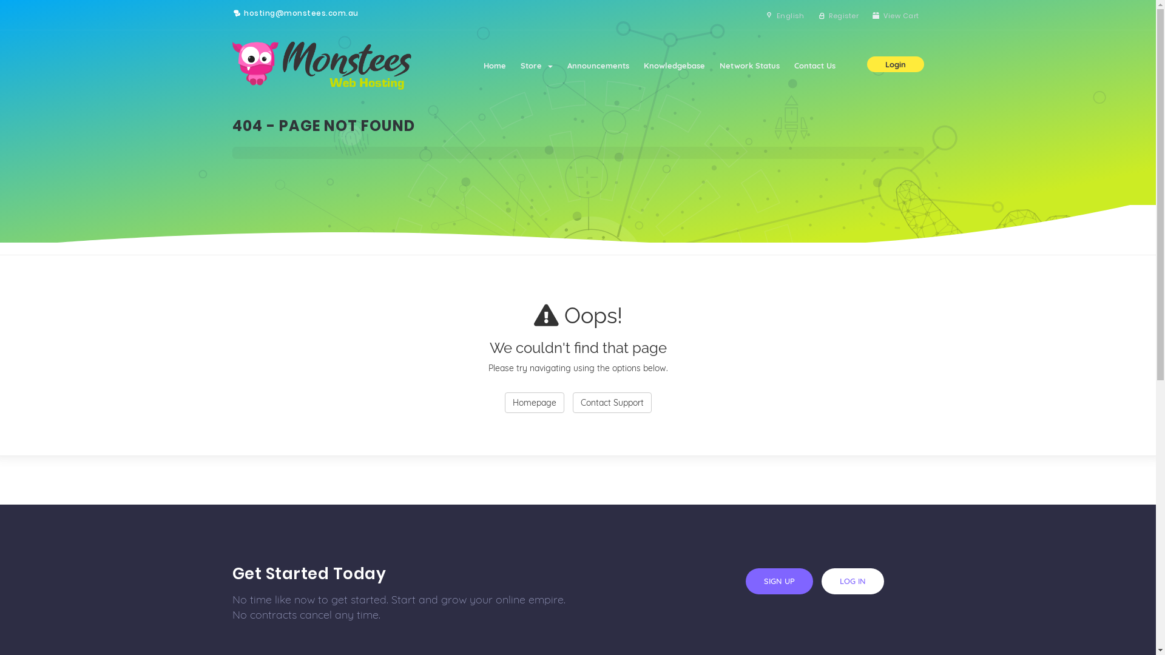 The width and height of the screenshot is (1165, 655). What do you see at coordinates (814, 65) in the screenshot?
I see `'Contact Us'` at bounding box center [814, 65].